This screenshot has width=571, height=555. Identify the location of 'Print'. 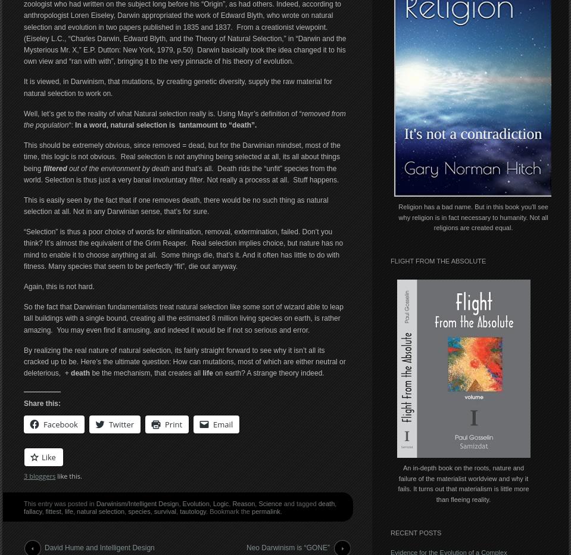
(173, 423).